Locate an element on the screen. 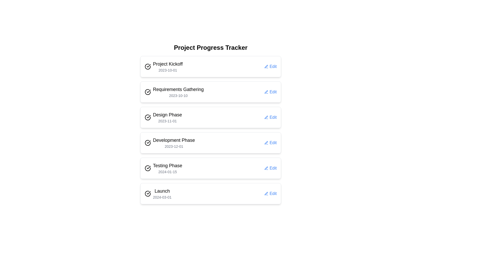 This screenshot has width=497, height=280. the Text Label Group with Icon displaying 'Design Phase' and its date '2023-11-01', located in the third card of the project progress tracker is located at coordinates (163, 117).